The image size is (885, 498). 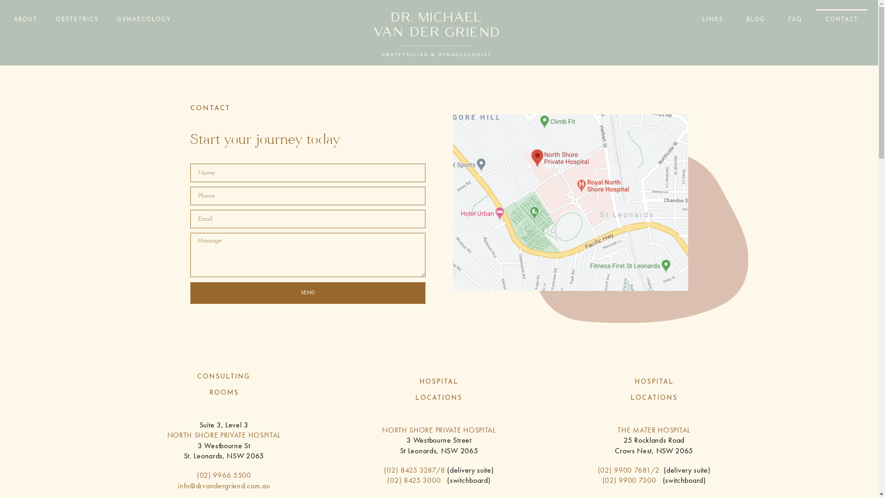 What do you see at coordinates (77, 19) in the screenshot?
I see `'OBSTETRICS'` at bounding box center [77, 19].